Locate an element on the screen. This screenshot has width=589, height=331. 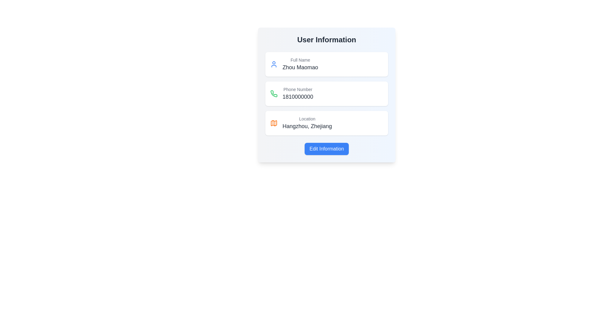
the Text Display element that shows the digits '1810000000' with a grayish background, located beneath the 'Phone Number' label is located at coordinates (298, 97).